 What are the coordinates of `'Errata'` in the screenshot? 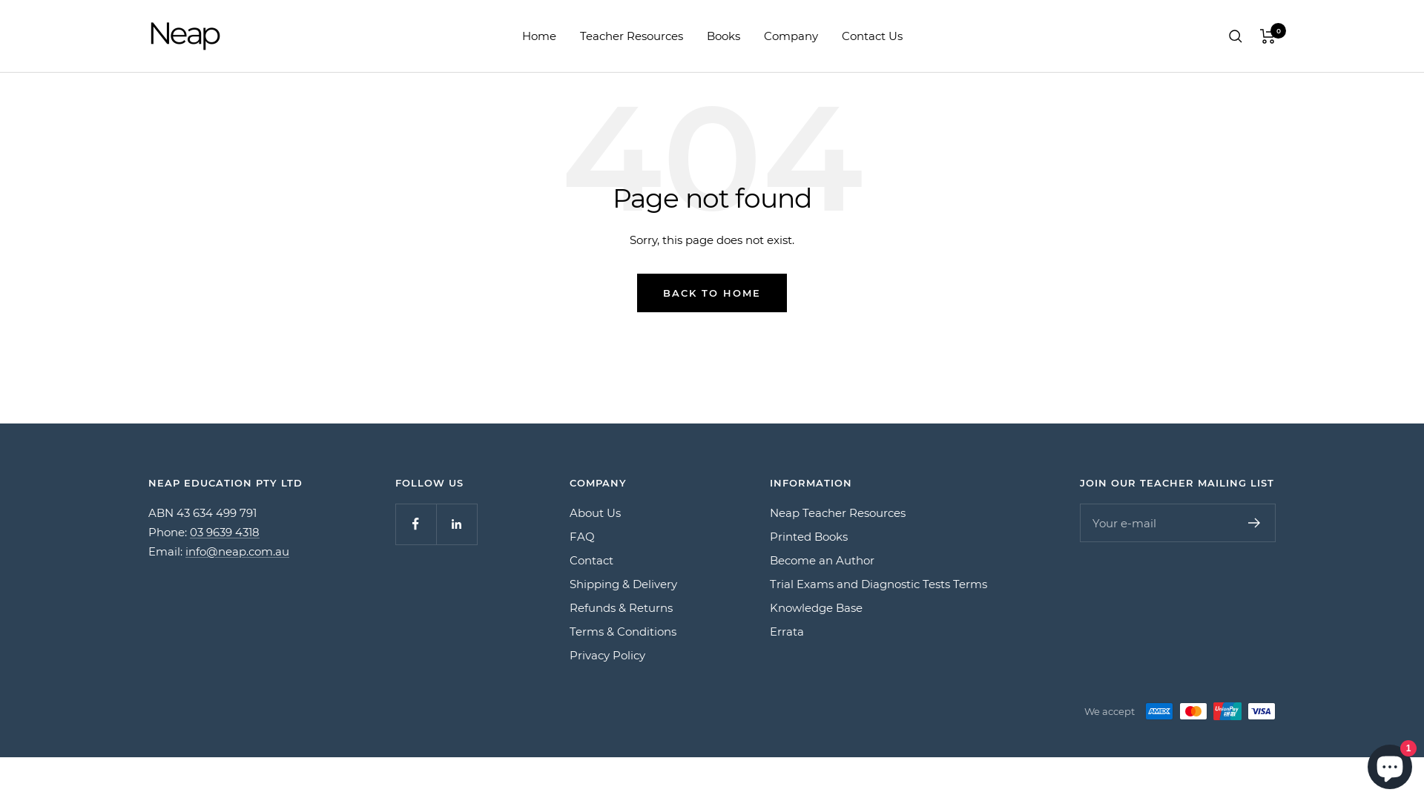 It's located at (785, 632).